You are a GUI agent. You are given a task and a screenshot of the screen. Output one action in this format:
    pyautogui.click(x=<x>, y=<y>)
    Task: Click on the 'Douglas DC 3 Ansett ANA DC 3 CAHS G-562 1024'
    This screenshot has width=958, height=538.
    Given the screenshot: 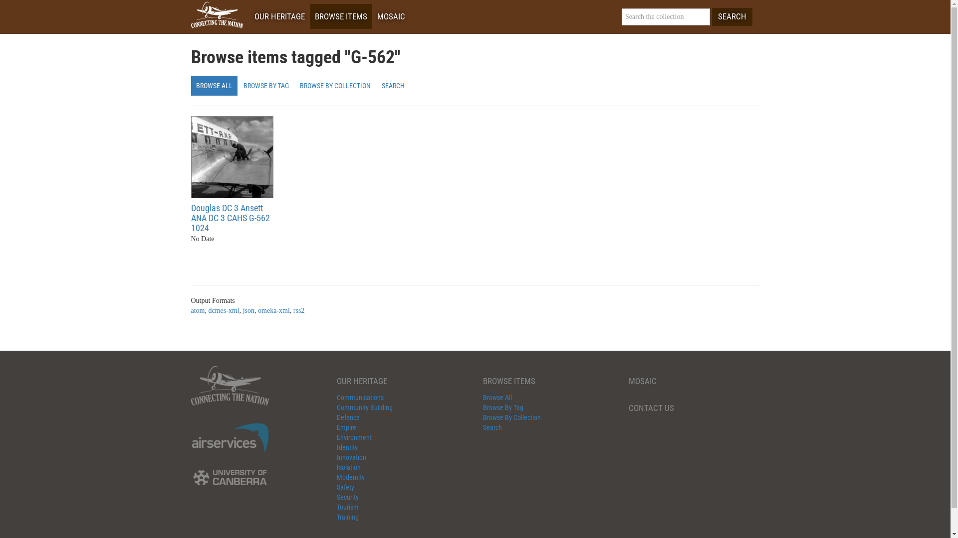 What is the action you would take?
    pyautogui.click(x=229, y=217)
    